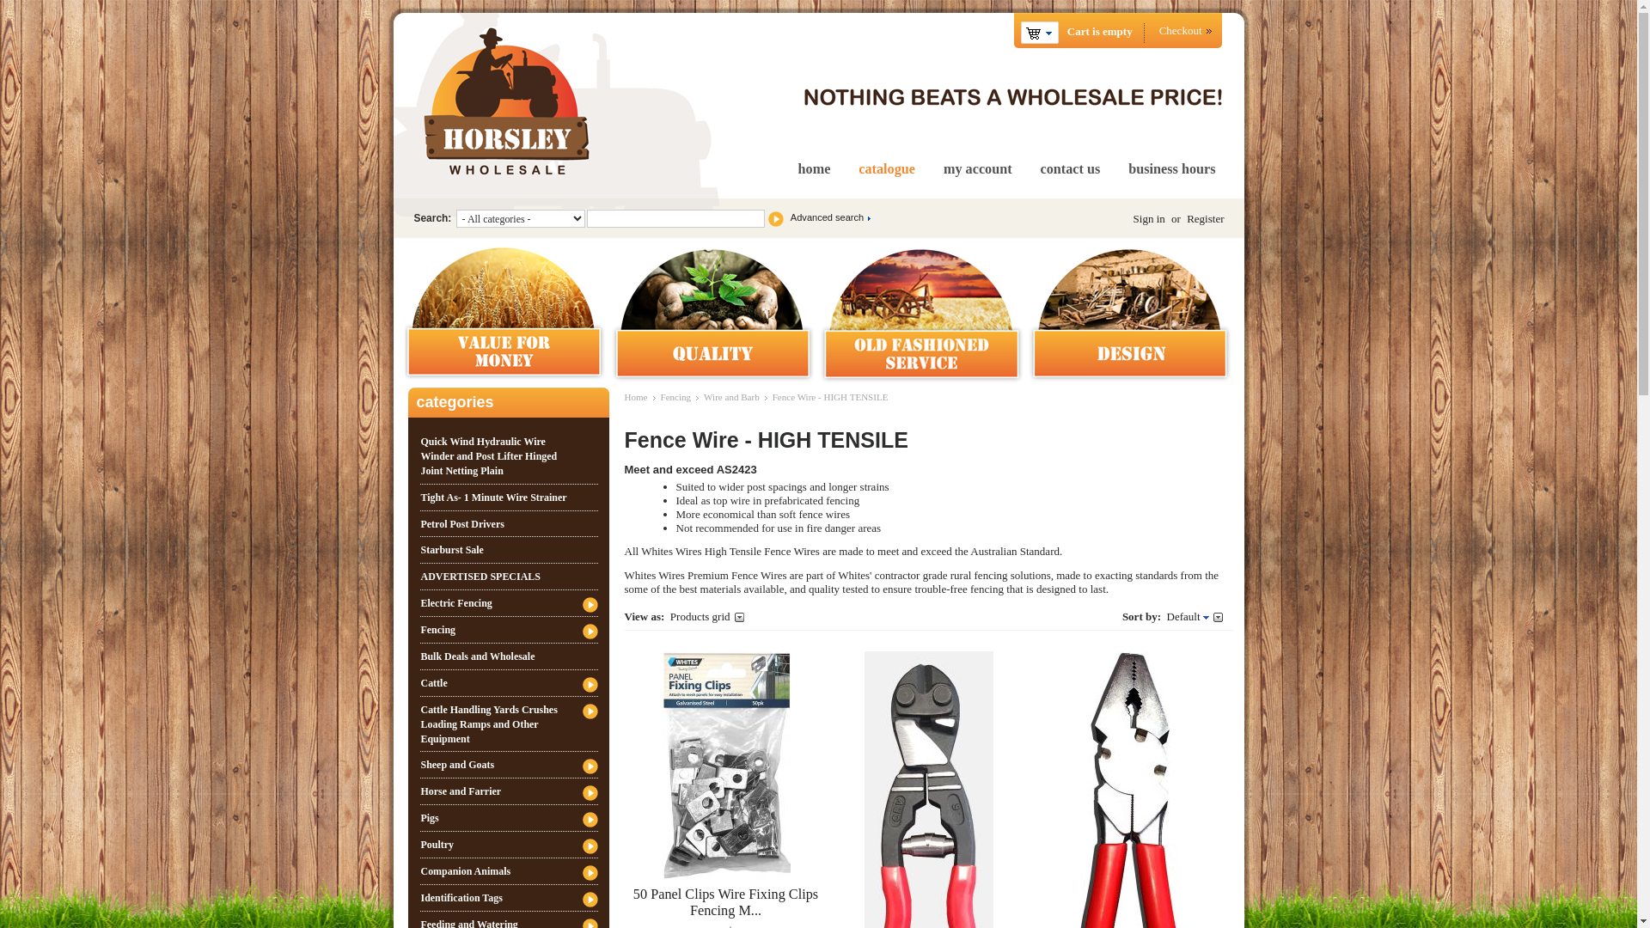 This screenshot has width=1650, height=928. What do you see at coordinates (725, 901) in the screenshot?
I see `'50 Panel Clips Wire Fixing Clips Fencing M...'` at bounding box center [725, 901].